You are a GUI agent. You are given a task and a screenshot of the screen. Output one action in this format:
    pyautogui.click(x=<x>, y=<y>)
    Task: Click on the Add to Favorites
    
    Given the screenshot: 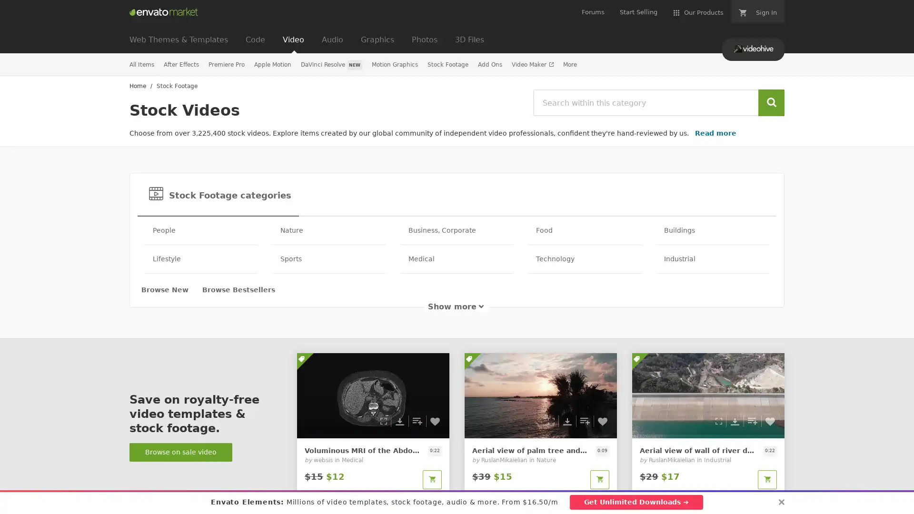 What is the action you would take?
    pyautogui.click(x=770, y=420)
    